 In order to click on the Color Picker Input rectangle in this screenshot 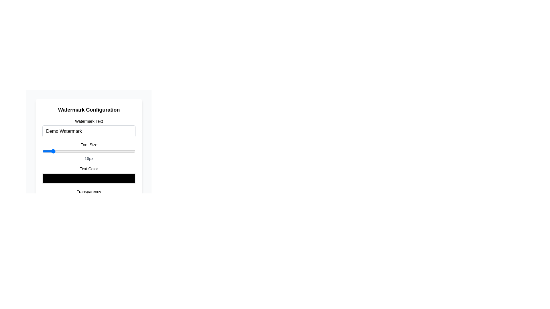, I will do `click(89, 175)`.